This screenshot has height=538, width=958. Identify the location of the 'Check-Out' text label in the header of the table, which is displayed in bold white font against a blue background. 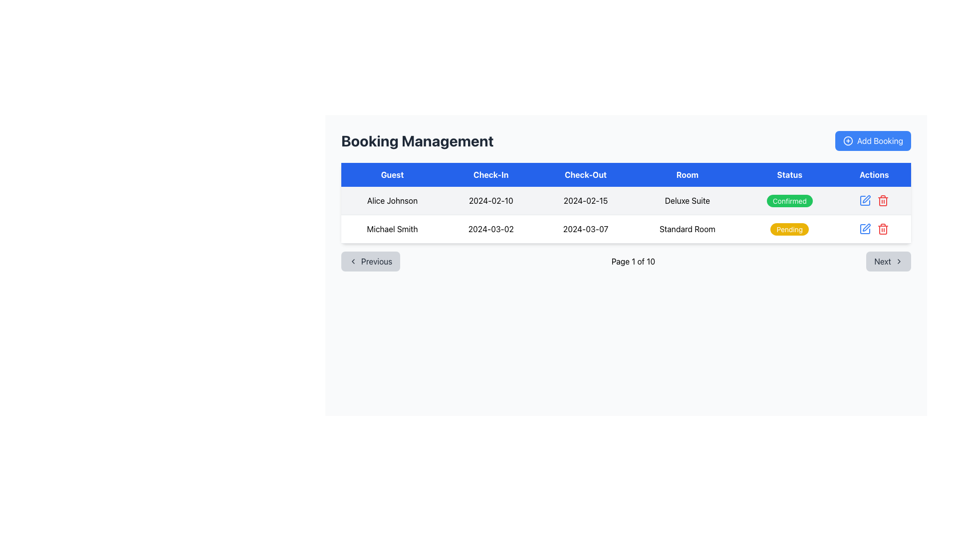
(585, 174).